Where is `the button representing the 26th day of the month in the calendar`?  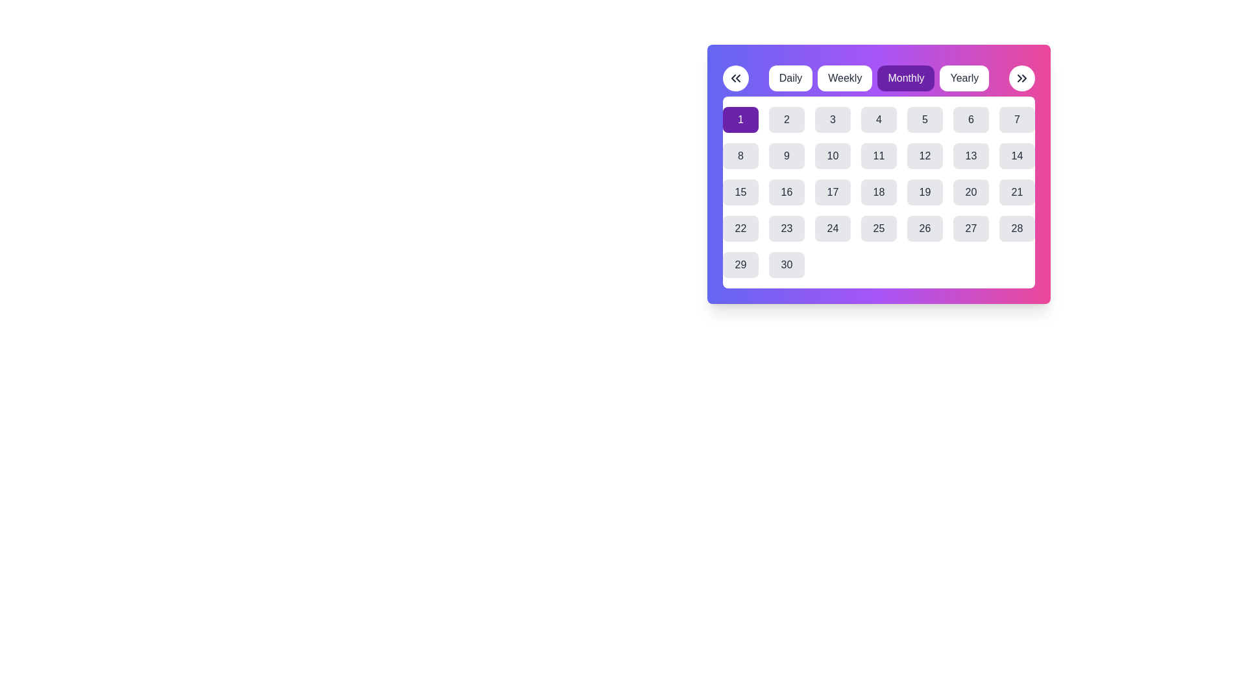
the button representing the 26th day of the month in the calendar is located at coordinates (924, 228).